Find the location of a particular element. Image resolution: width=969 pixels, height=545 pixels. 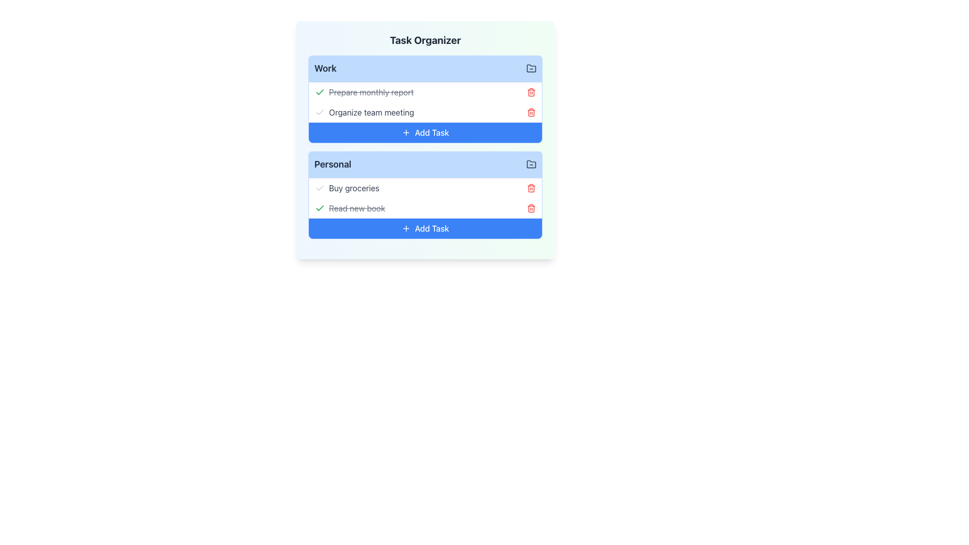

the 'Add Task' button located at the bottom of the task list in the 'Work' section, which has a blue background and white text is located at coordinates (425, 132).